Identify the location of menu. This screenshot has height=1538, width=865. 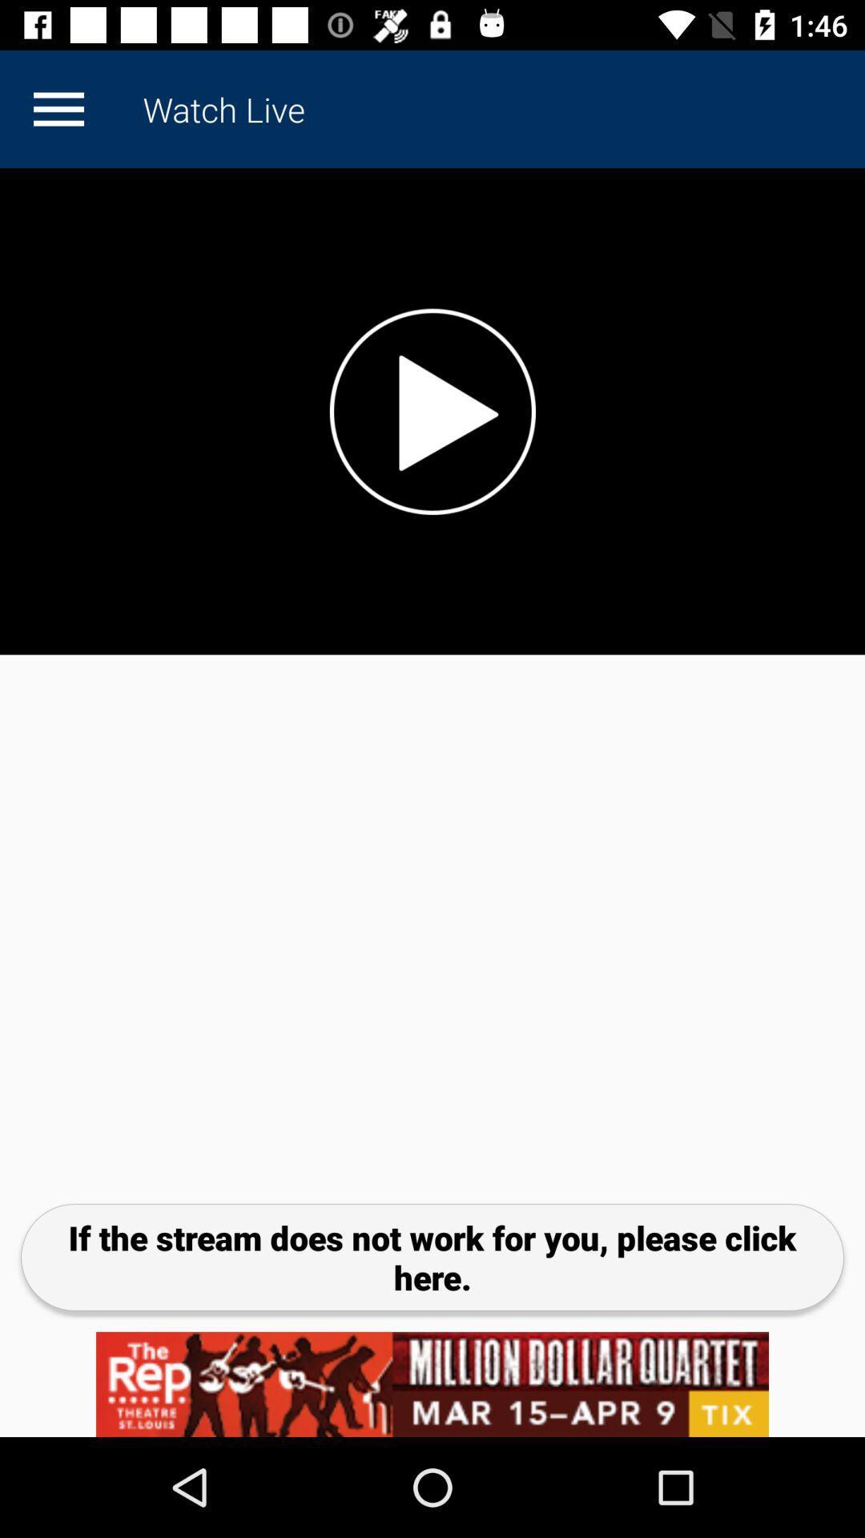
(58, 108).